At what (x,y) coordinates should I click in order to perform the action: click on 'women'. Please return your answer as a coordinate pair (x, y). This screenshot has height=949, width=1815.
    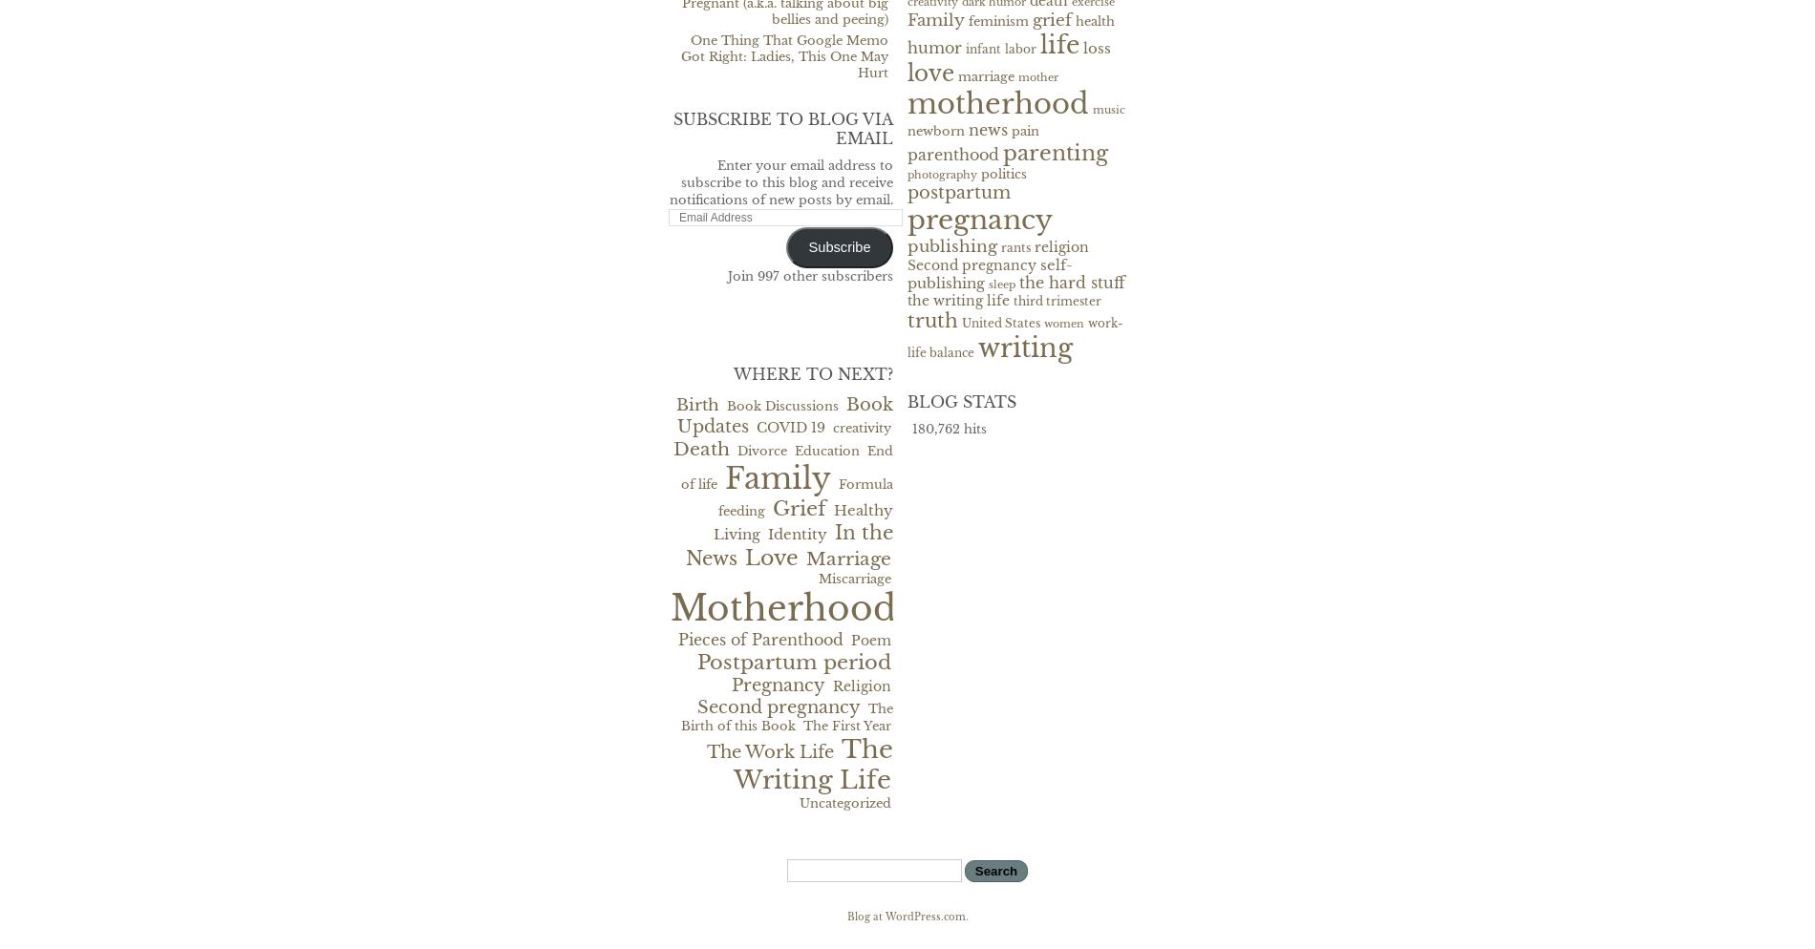
    Looking at the image, I should click on (1063, 322).